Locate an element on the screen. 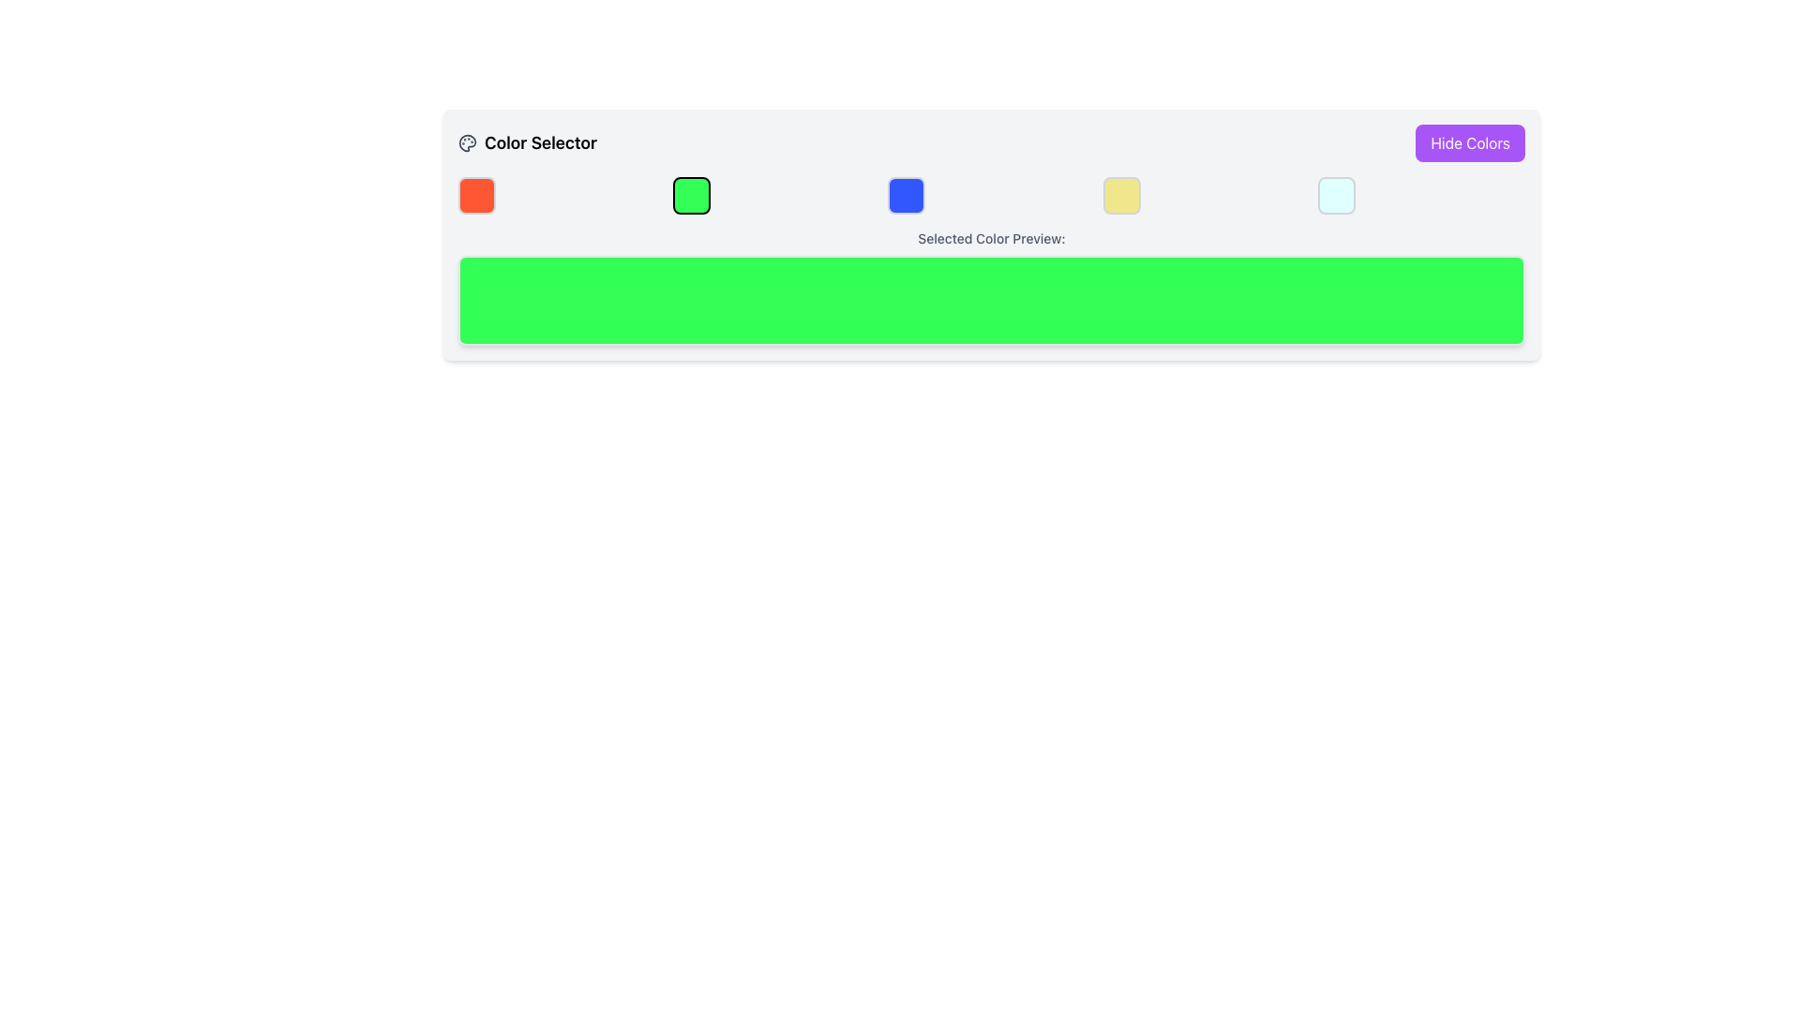 The width and height of the screenshot is (1800, 1012). the button located at the far right of the 'Color Selector' toolbar to hide the color selection interface is located at coordinates (1469, 142).